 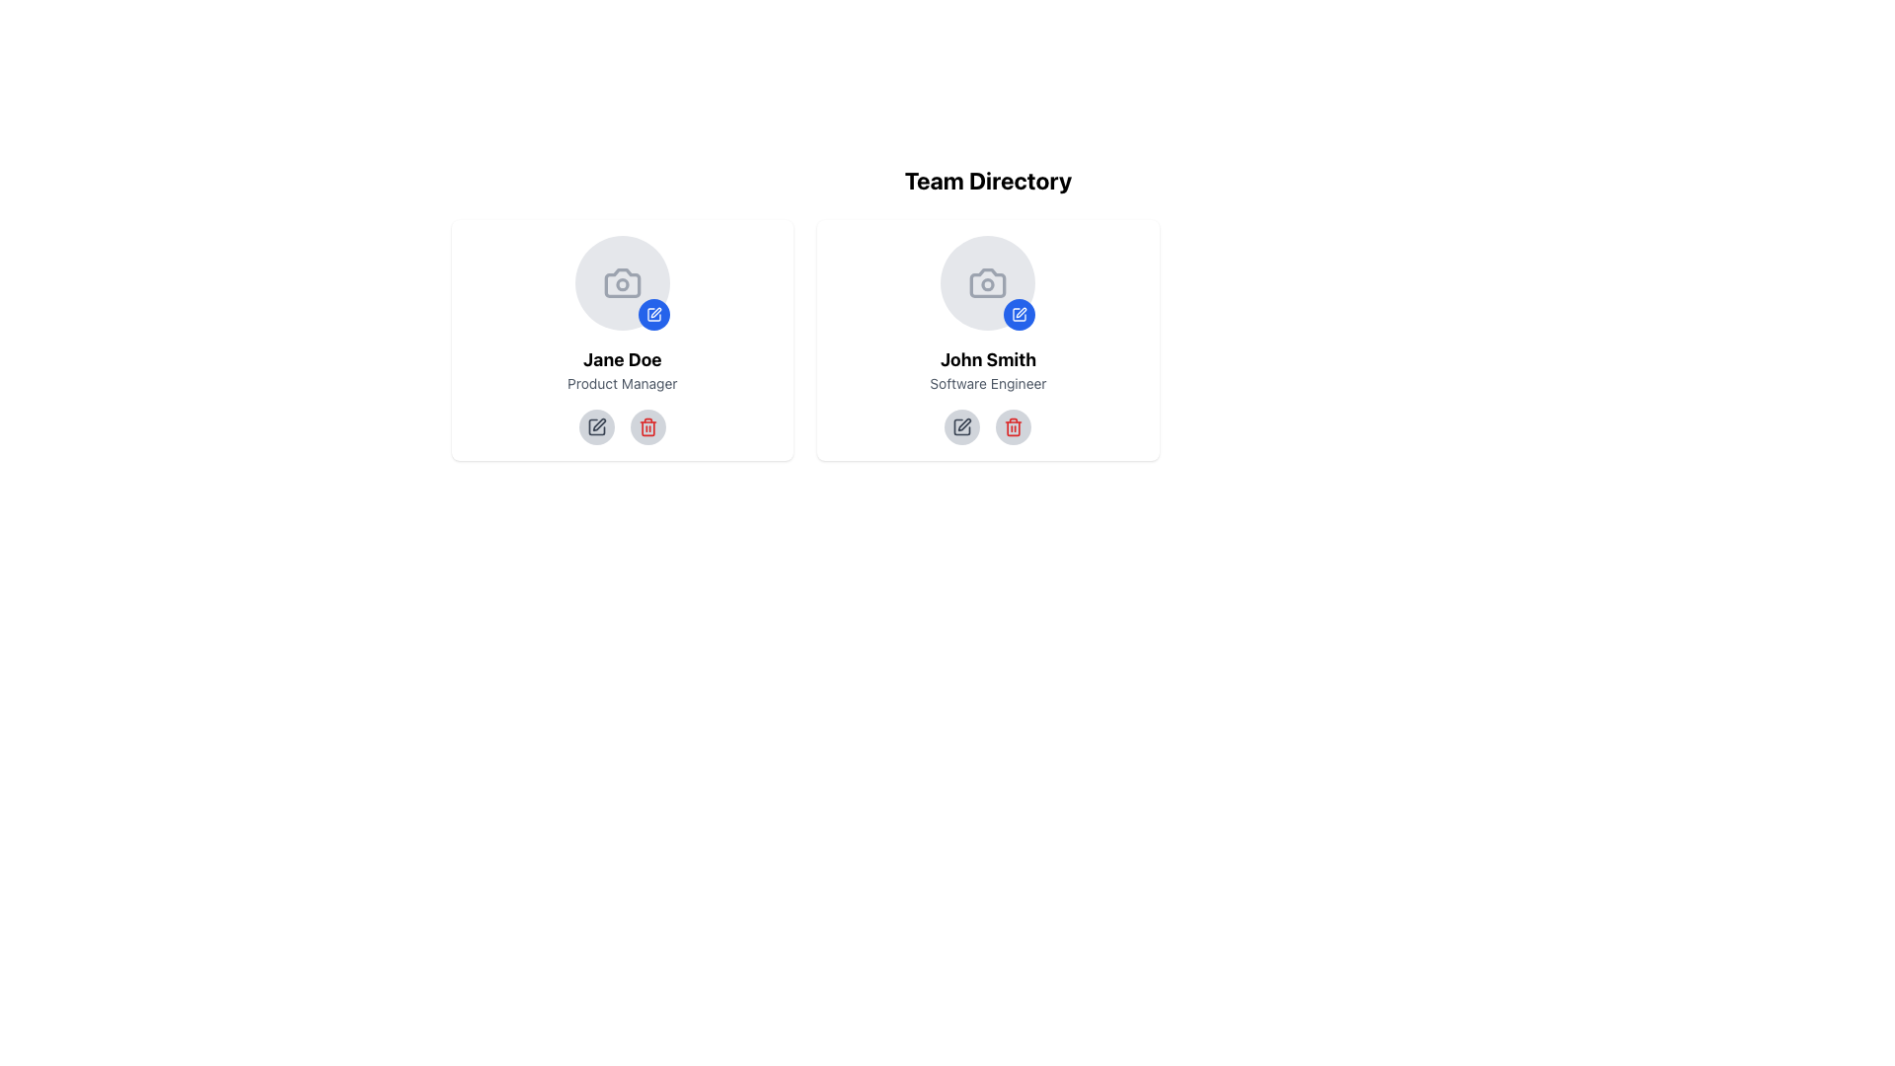 I want to click on the button located at the bottom-right of John Smith's avatar area, so click(x=1020, y=314).